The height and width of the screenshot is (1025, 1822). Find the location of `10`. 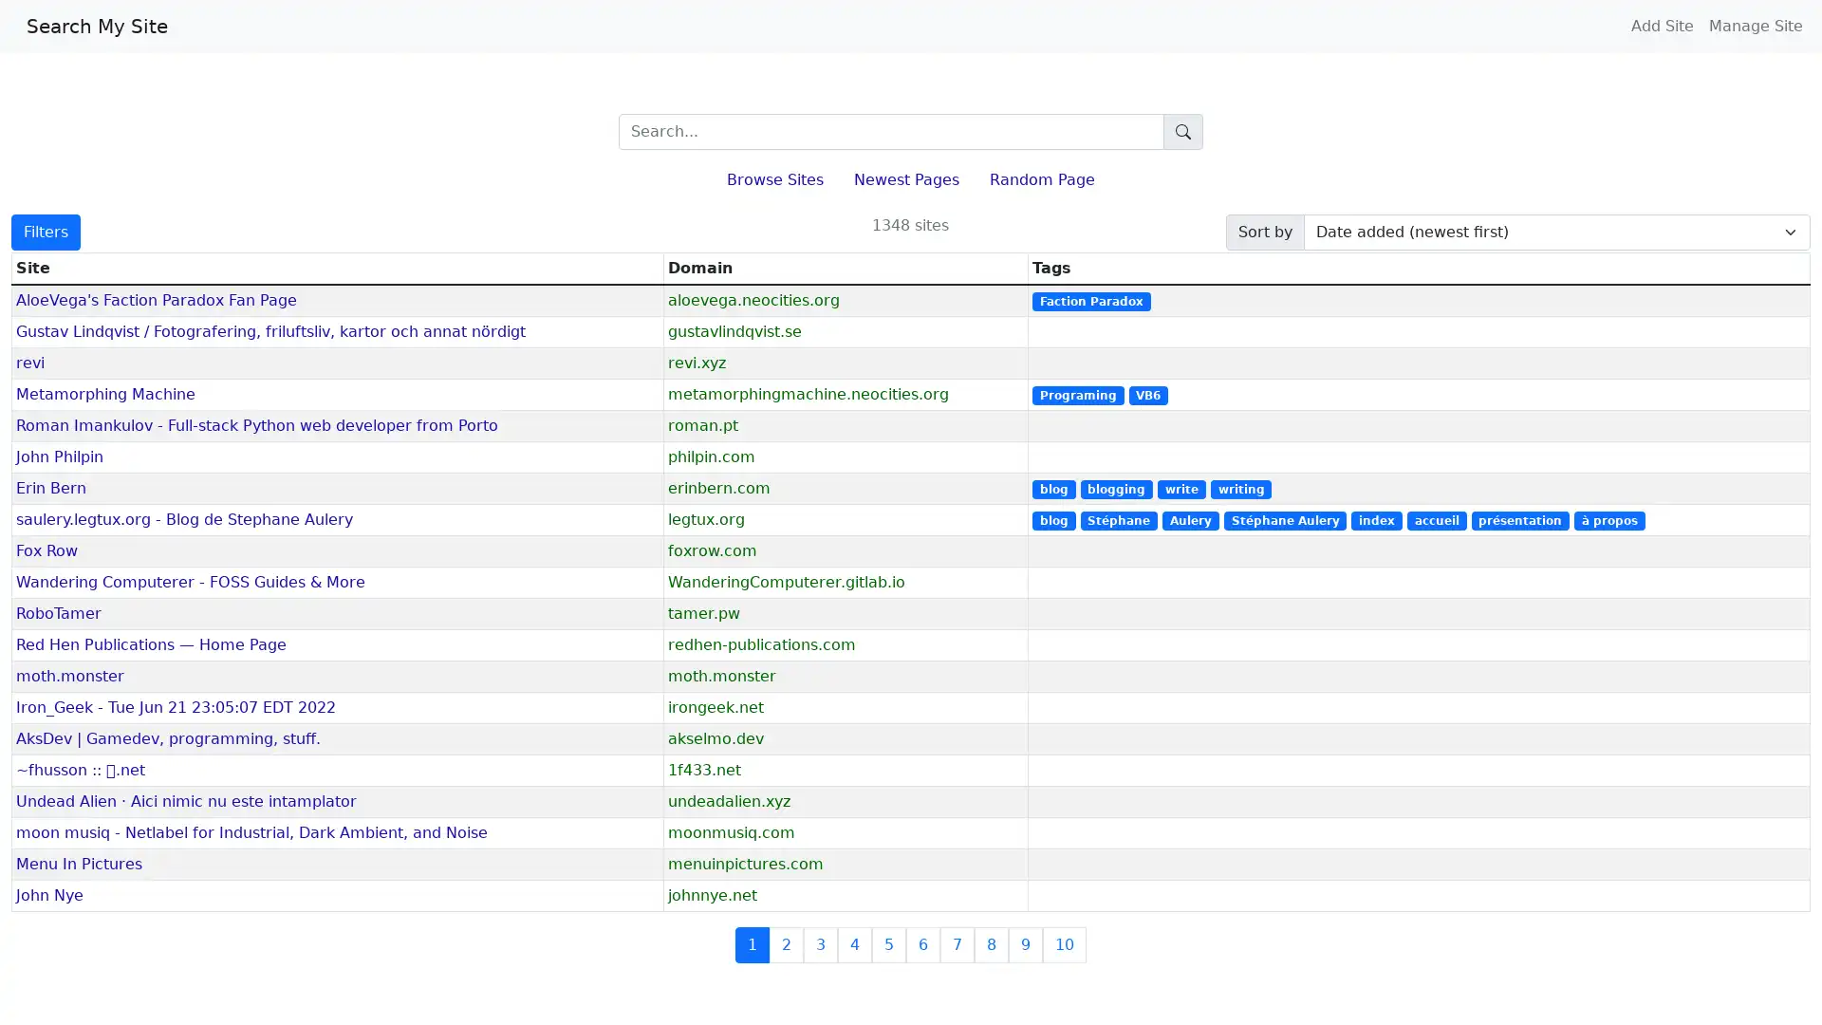

10 is located at coordinates (1065, 944).